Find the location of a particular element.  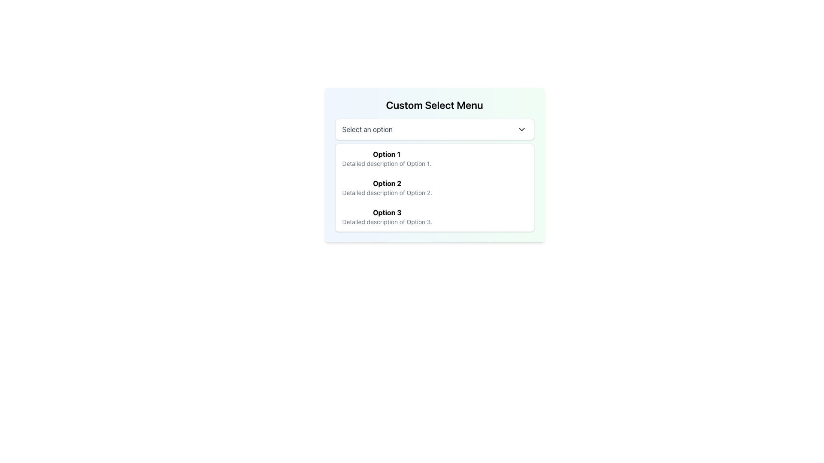

the third item in the dropdown menu labeled 'Custom Select Menu' is located at coordinates (387, 216).